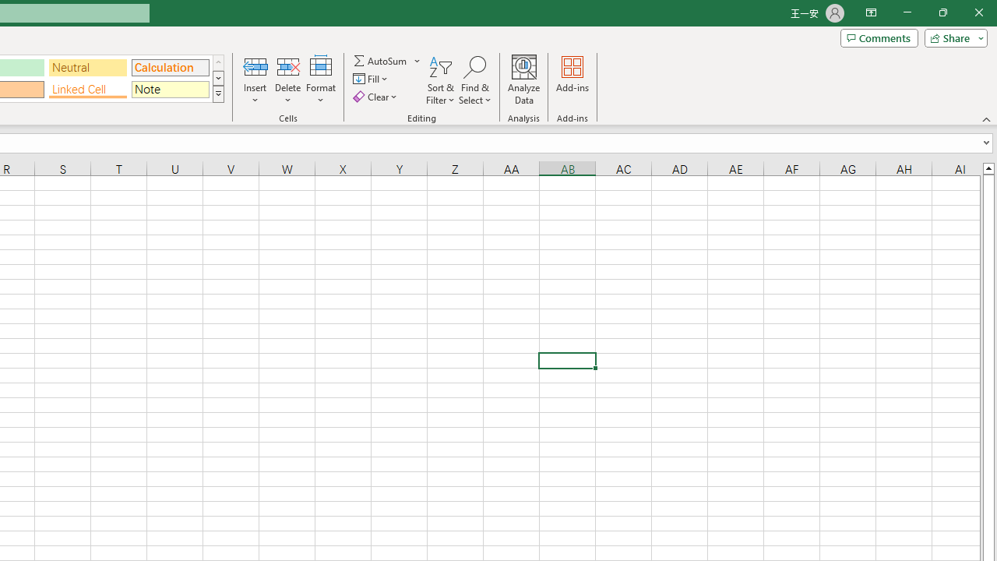  I want to click on 'Fill', so click(372, 79).